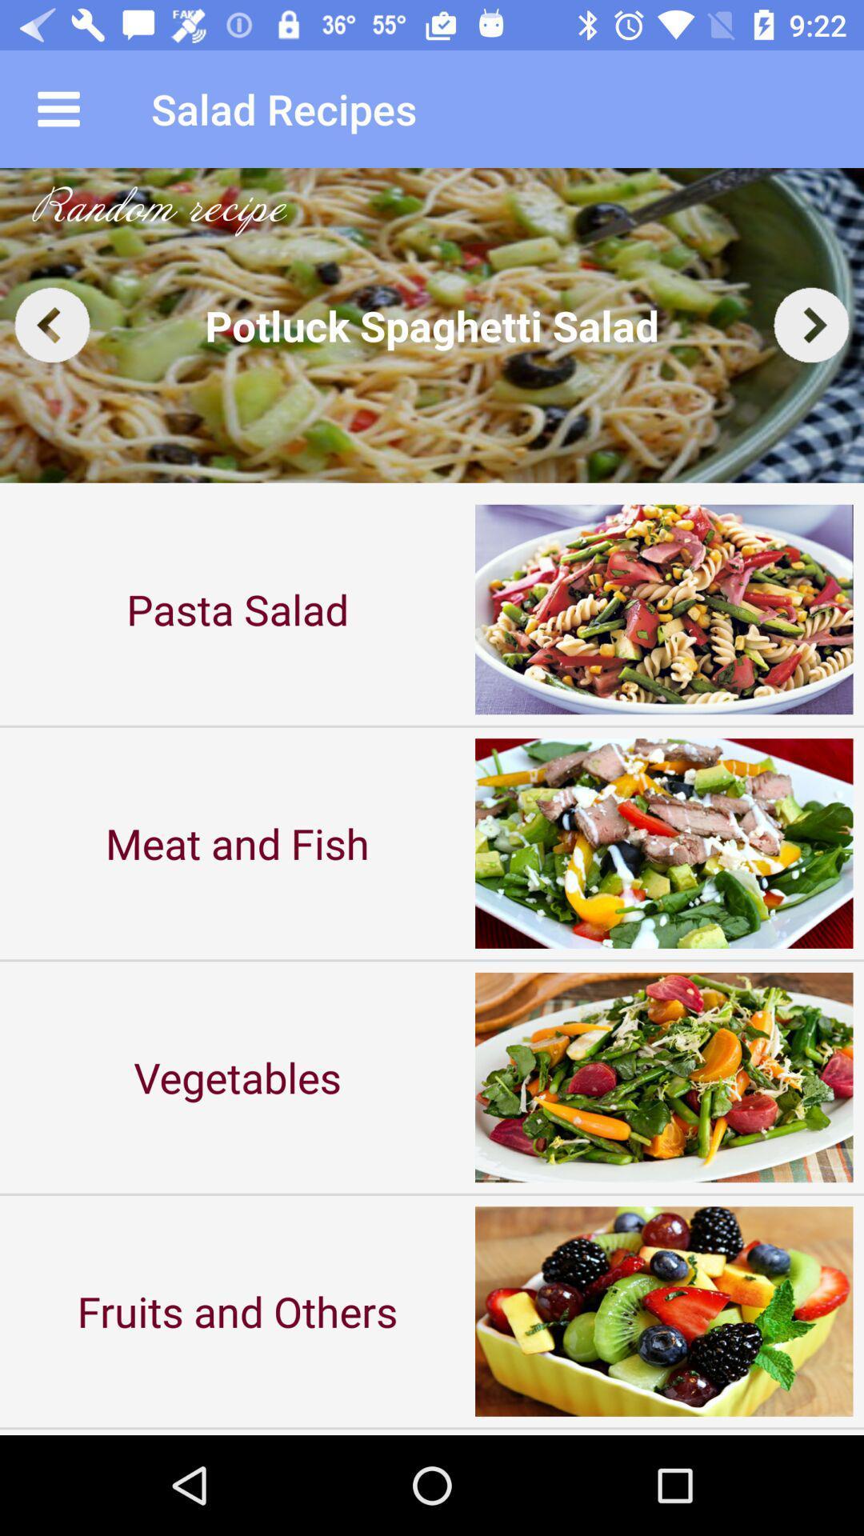 The width and height of the screenshot is (864, 1536). What do you see at coordinates (238, 842) in the screenshot?
I see `icon above vegetables` at bounding box center [238, 842].